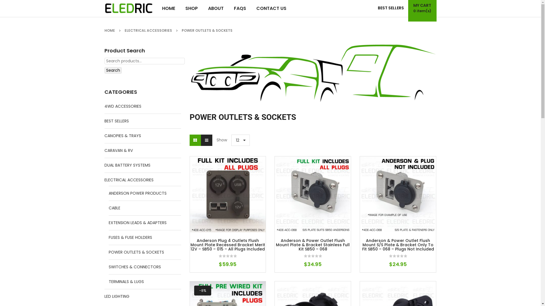 The height and width of the screenshot is (306, 545). I want to click on 'ABOUT', so click(215, 8).